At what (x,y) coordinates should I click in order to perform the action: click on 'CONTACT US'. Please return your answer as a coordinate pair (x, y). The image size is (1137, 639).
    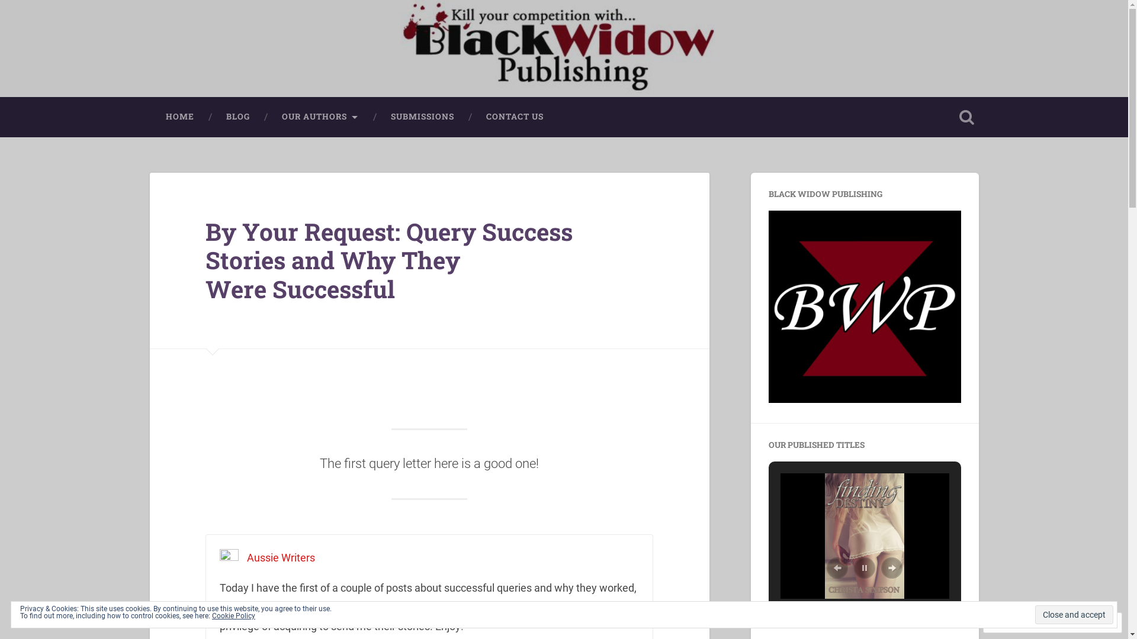
    Looking at the image, I should click on (469, 117).